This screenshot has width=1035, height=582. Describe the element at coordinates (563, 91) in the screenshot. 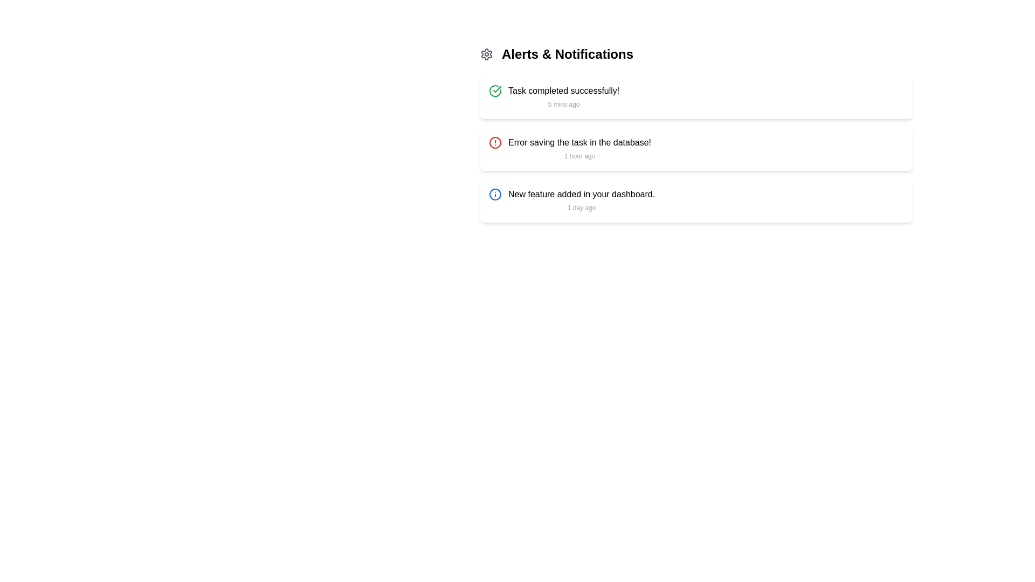

I see `notification text located at the top-left of the notification card in the 'Alerts & Notifications' list, which indicates a successfully completed task` at that location.